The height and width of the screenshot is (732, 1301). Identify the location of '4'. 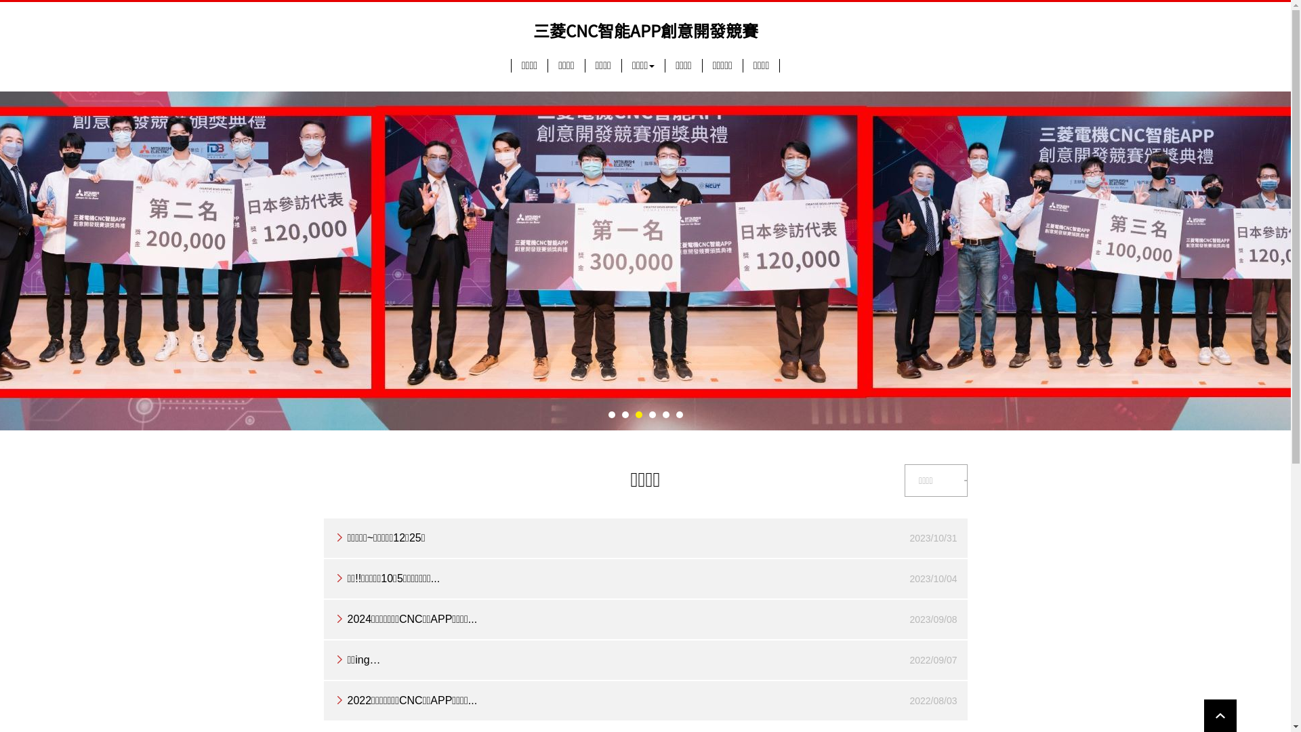
(653, 413).